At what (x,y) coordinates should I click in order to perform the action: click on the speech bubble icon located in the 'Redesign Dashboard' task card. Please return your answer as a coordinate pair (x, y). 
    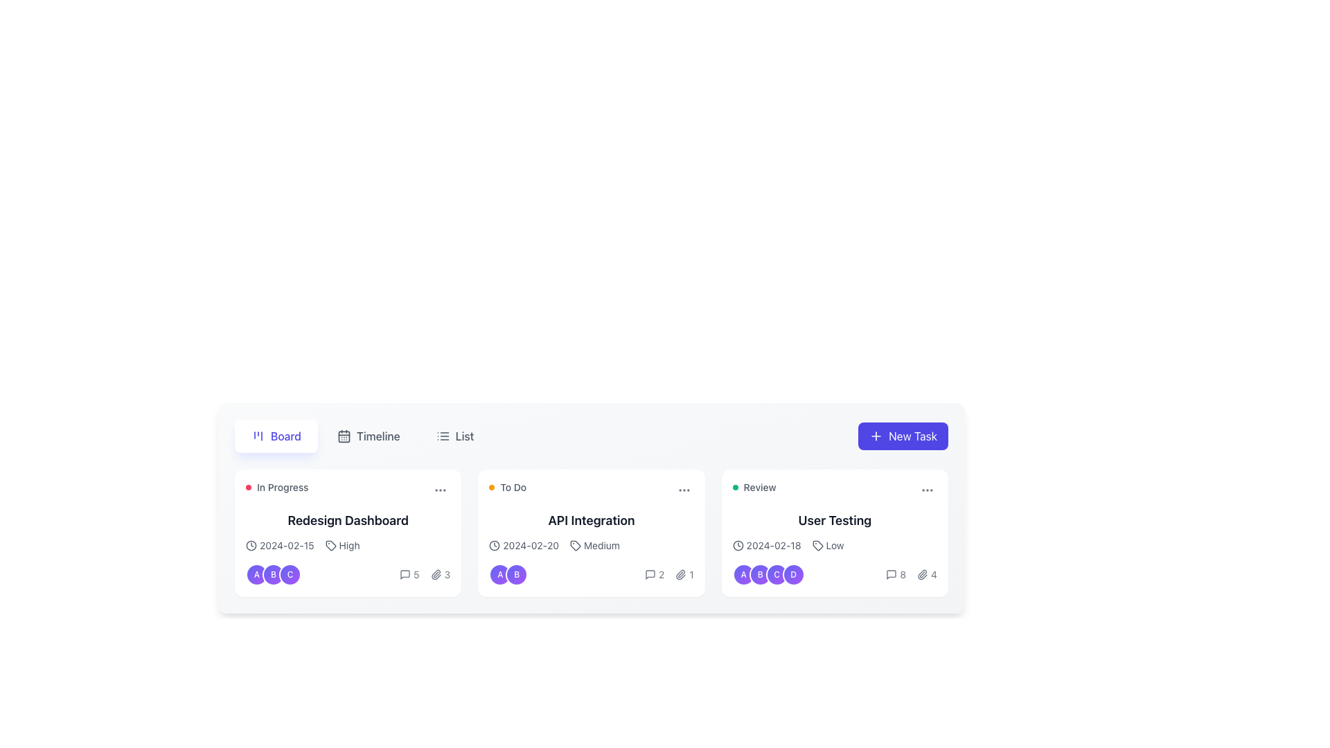
    Looking at the image, I should click on (405, 574).